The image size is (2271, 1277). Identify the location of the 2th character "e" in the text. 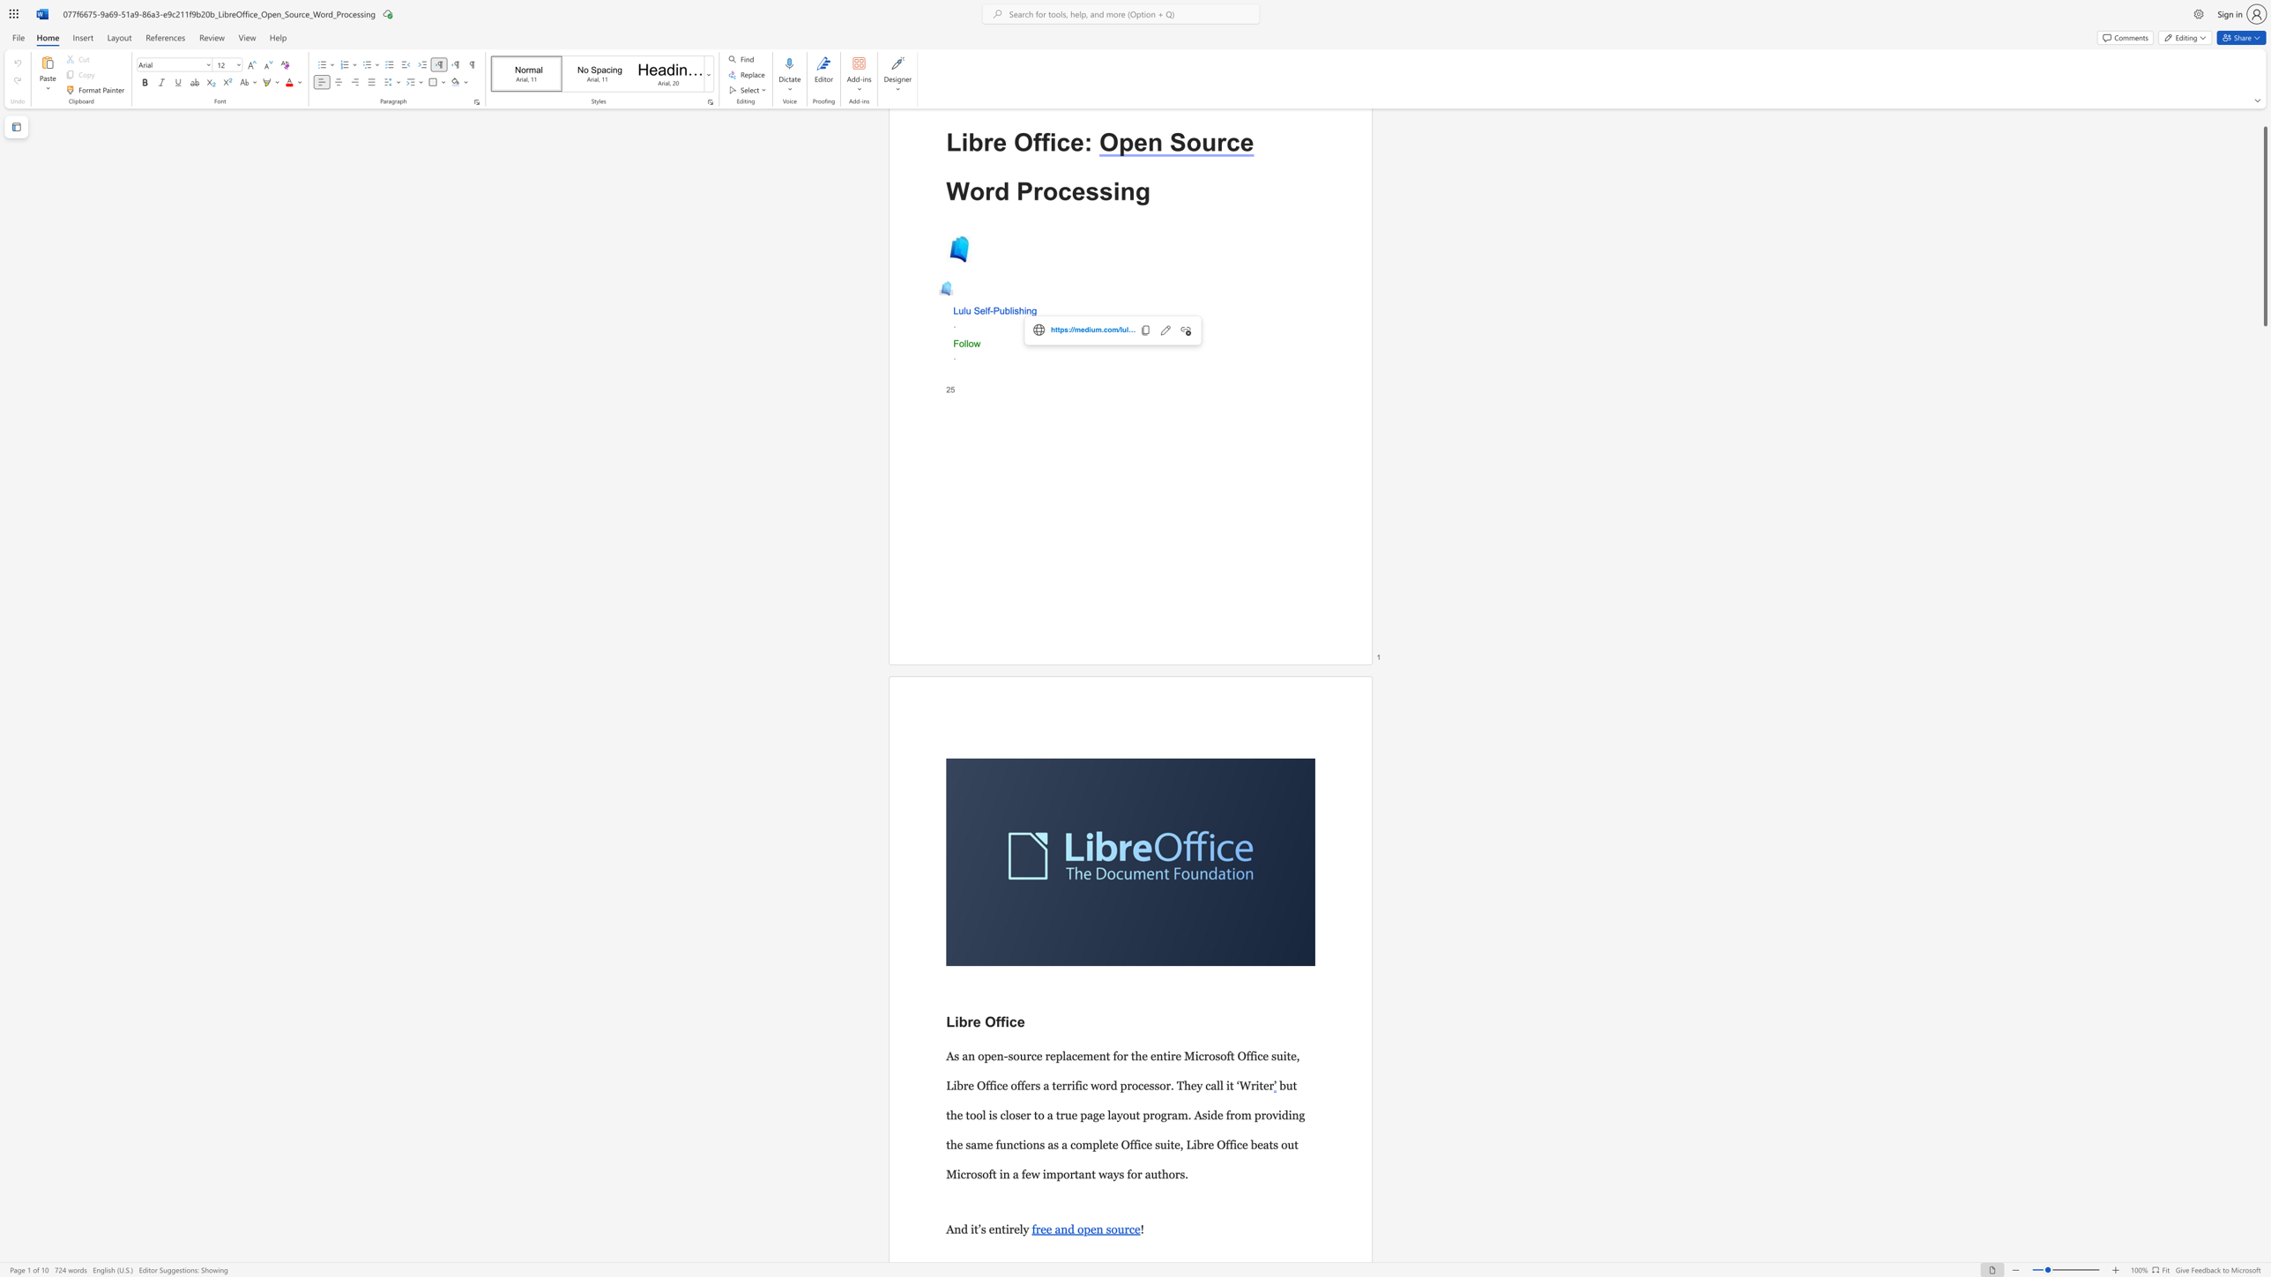
(1020, 1021).